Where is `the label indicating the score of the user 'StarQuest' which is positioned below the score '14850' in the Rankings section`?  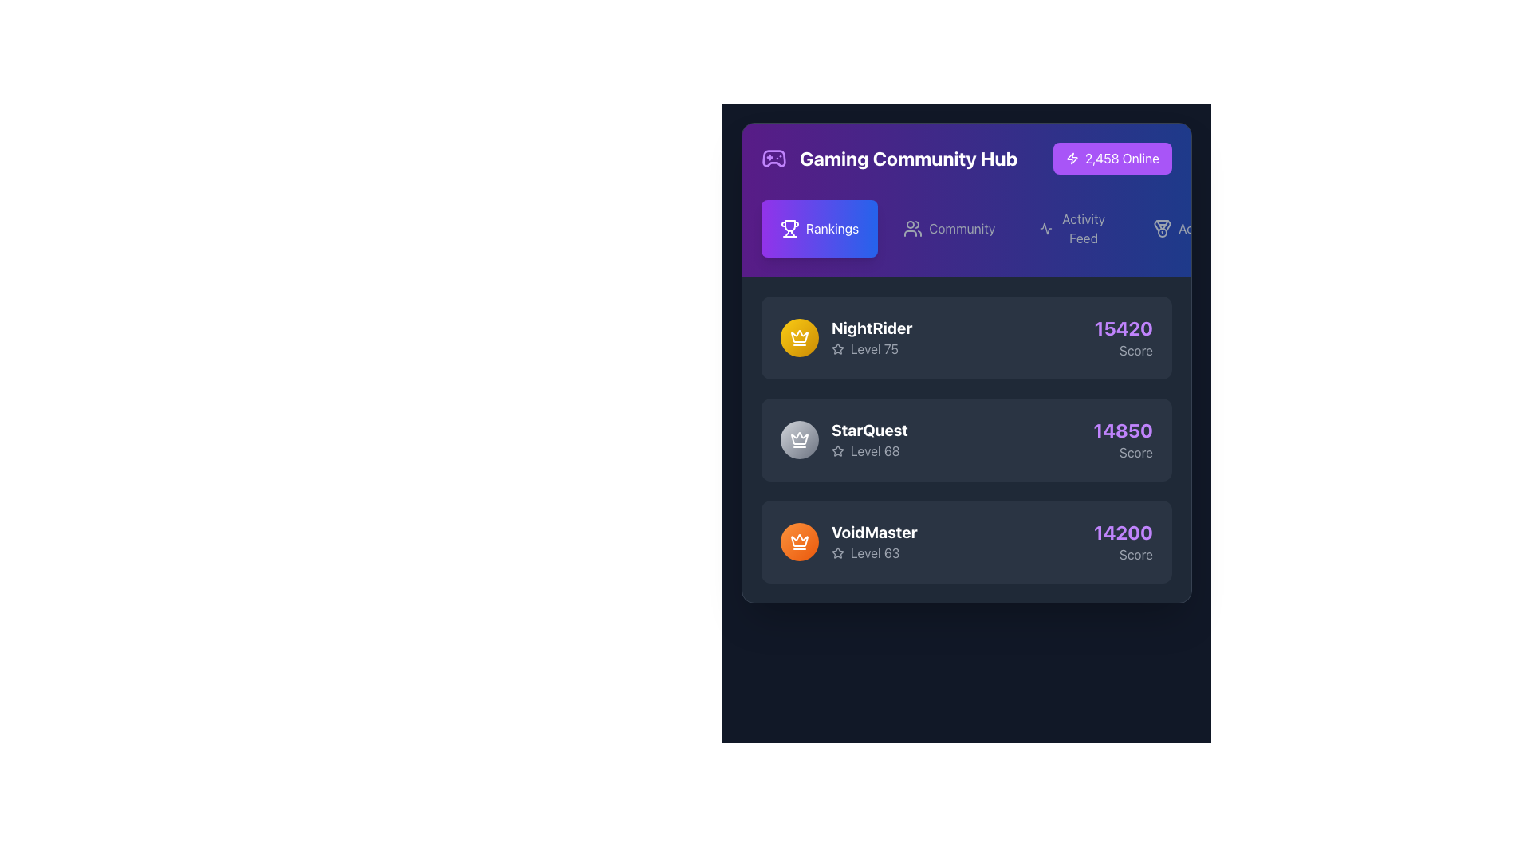
the label indicating the score of the user 'StarQuest' which is positioned below the score '14850' in the Rankings section is located at coordinates (1122, 452).